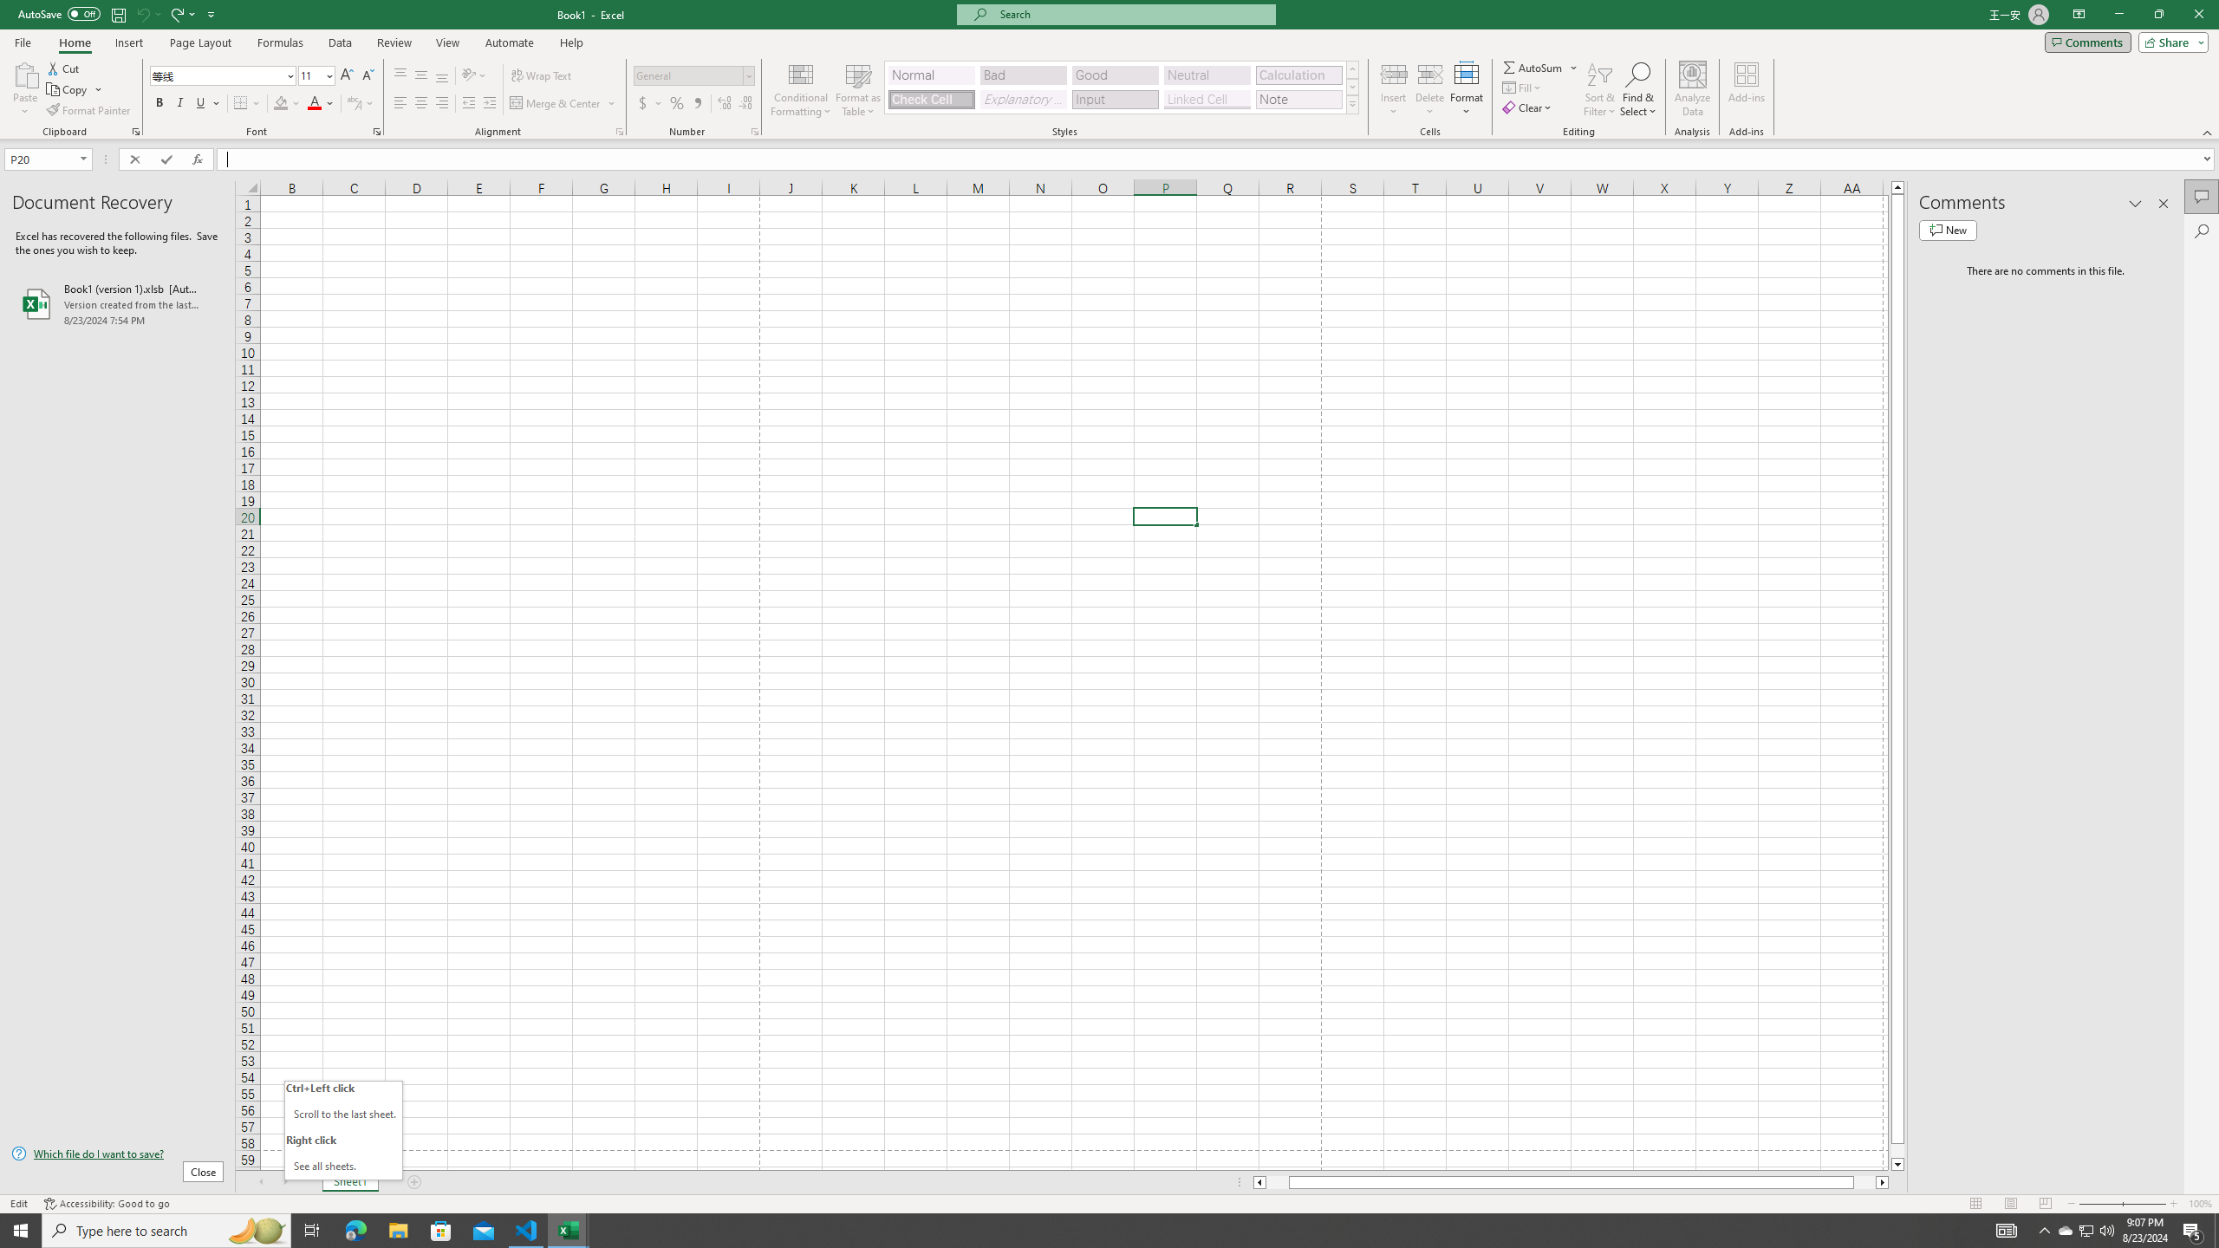  Describe the element at coordinates (1298, 99) in the screenshot. I see `'Note'` at that location.